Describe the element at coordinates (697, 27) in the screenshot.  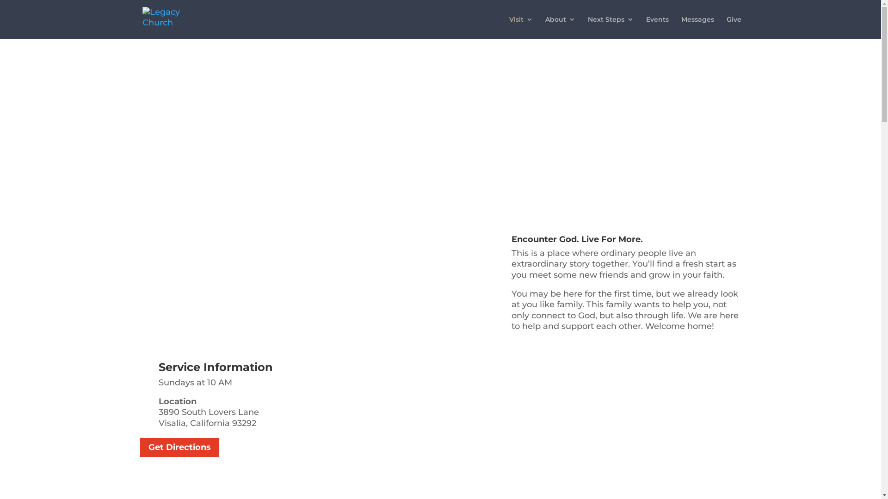
I see `'Messages'` at that location.